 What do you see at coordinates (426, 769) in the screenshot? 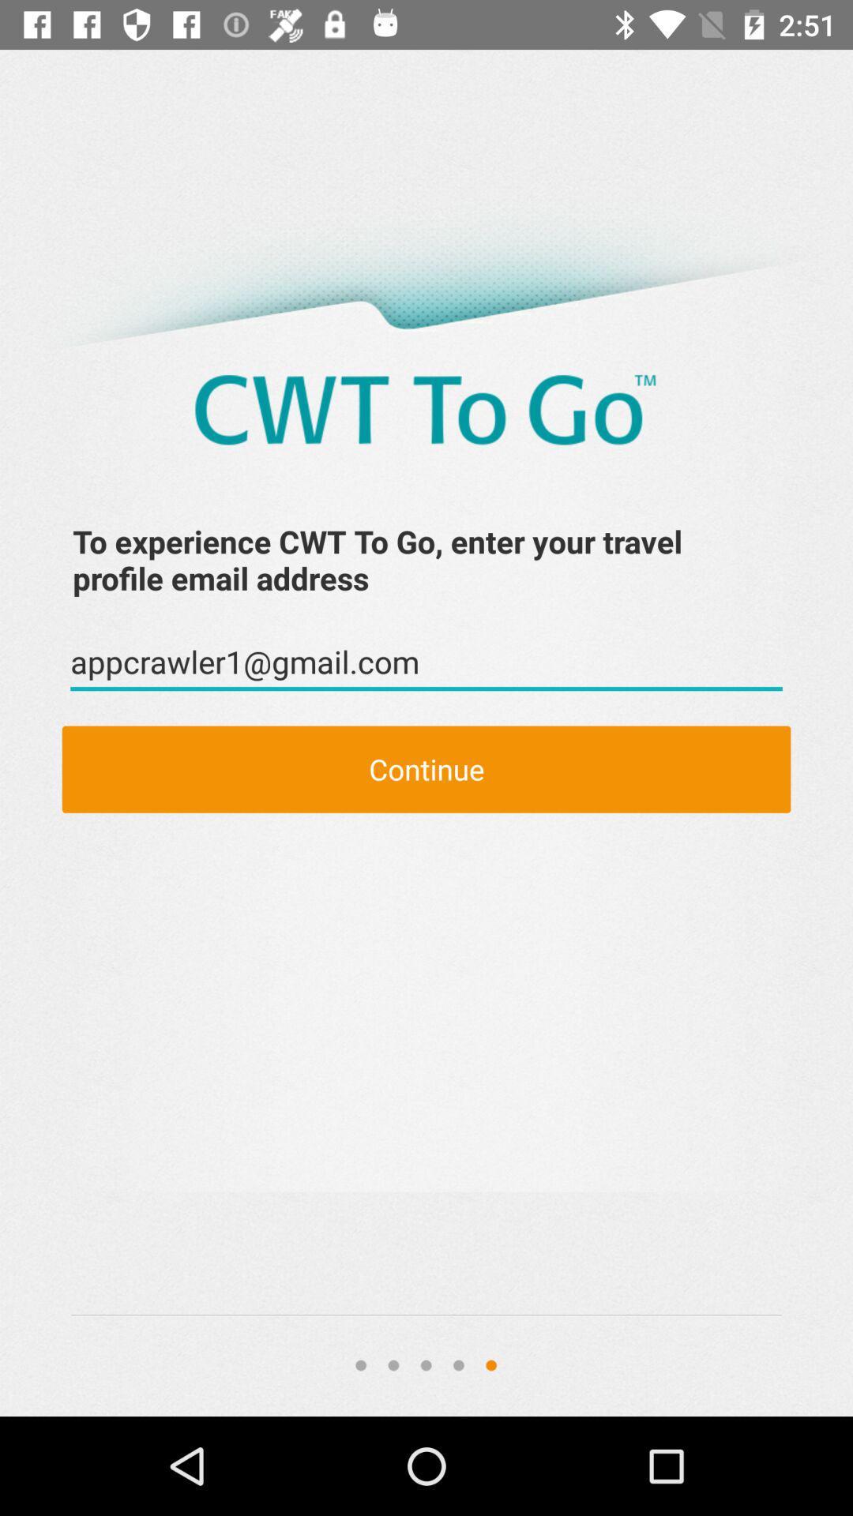
I see `the item below appcrawler1@gmail.com icon` at bounding box center [426, 769].